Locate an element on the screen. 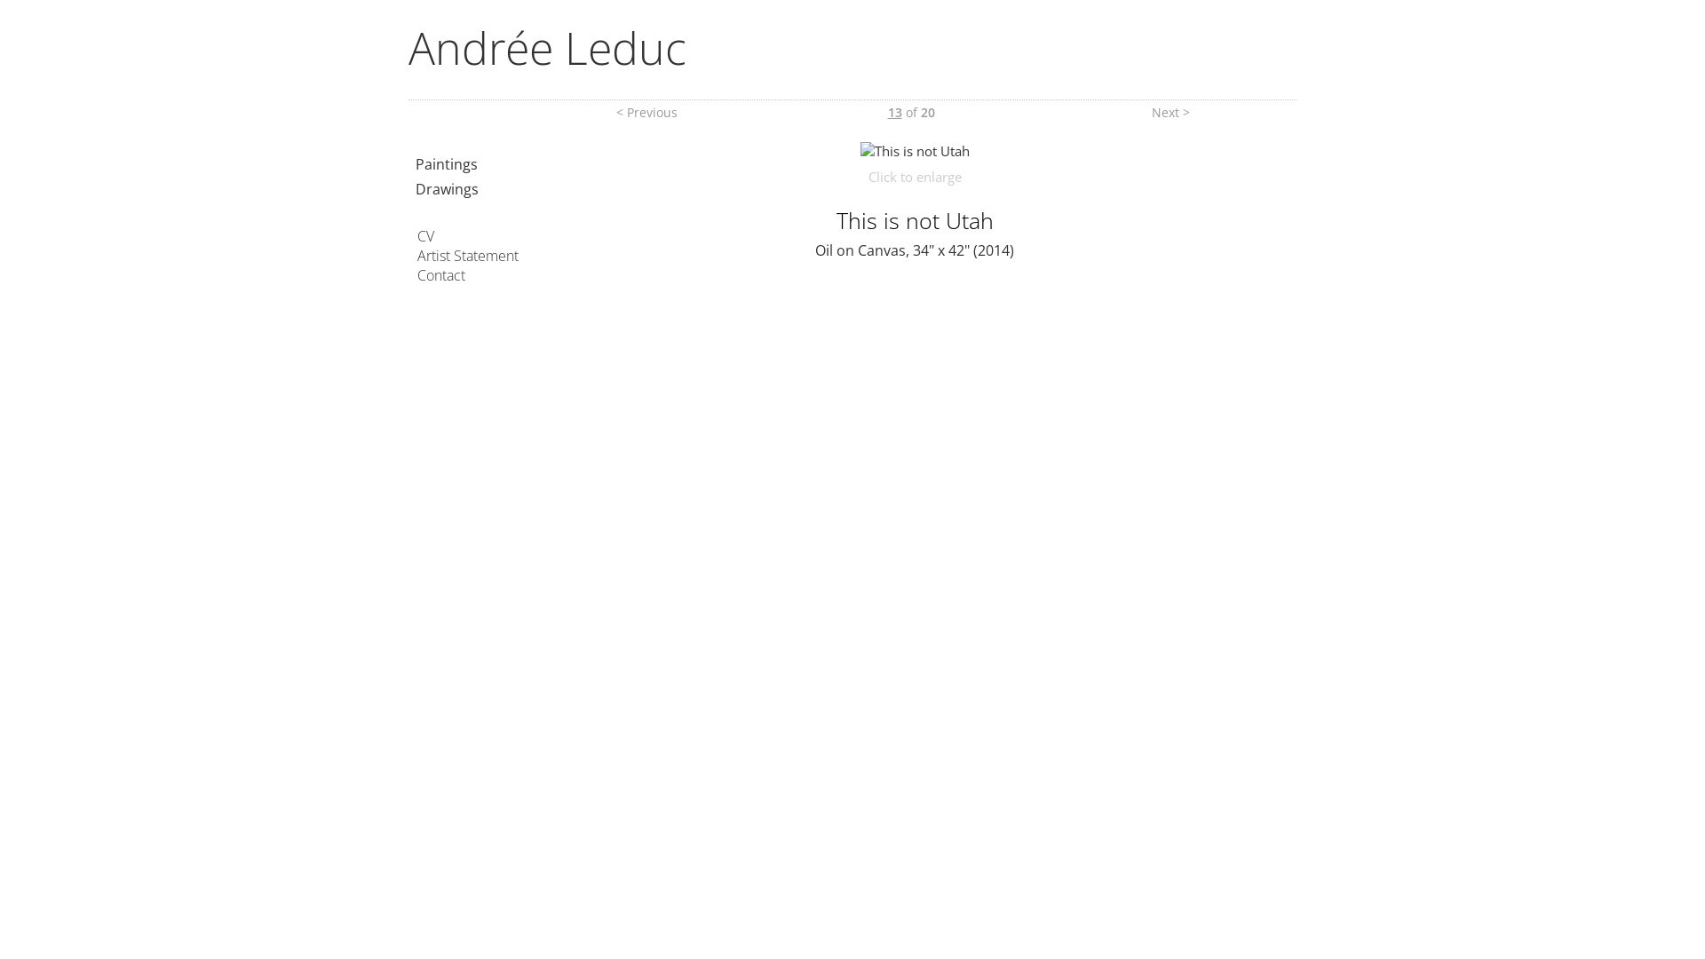 The image size is (1705, 959). 'Artist Statement' is located at coordinates (416, 256).